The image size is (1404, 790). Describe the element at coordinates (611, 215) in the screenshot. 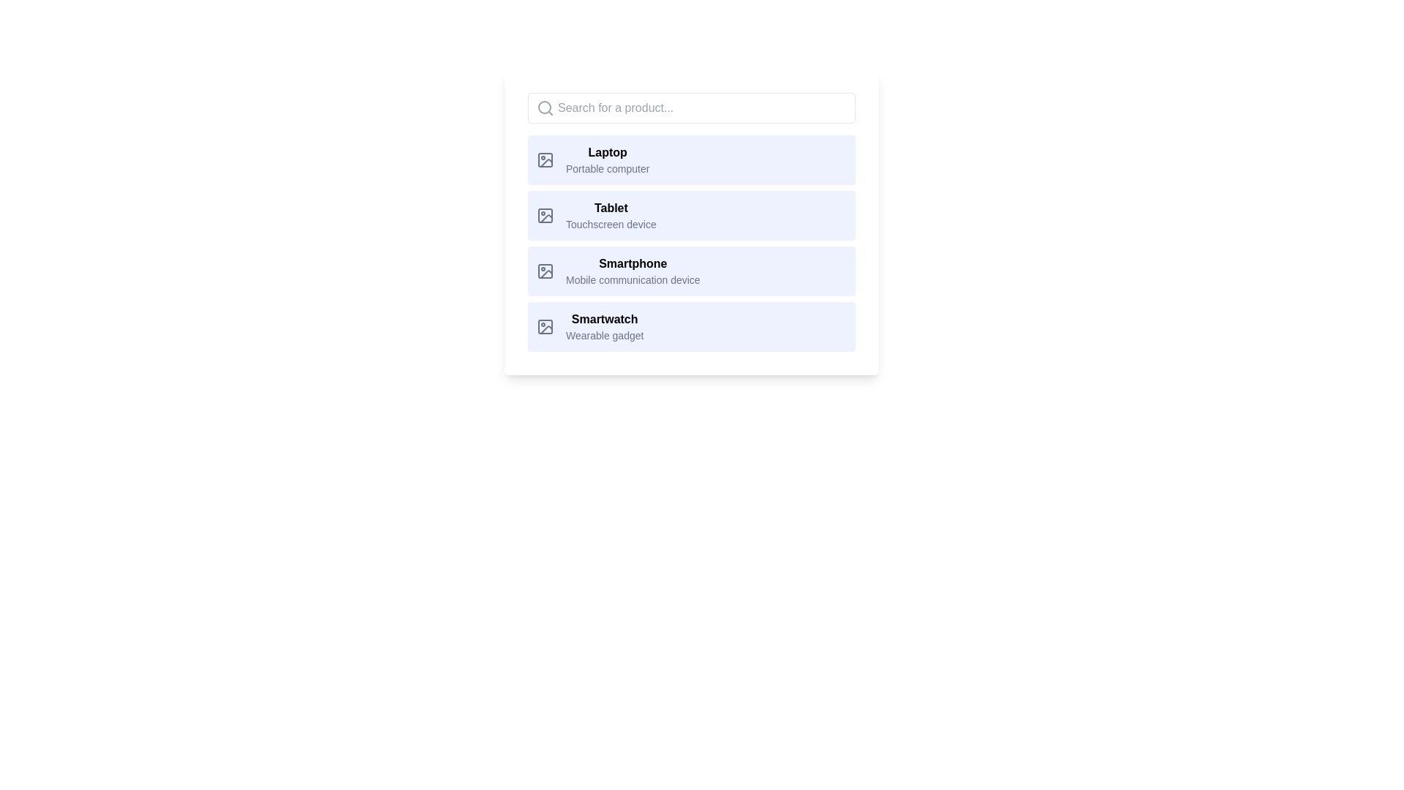

I see `the 'Tablet' text label within the selectable list item that features a light-blue background and consists of two lines of text, where the first line is 'Tablet' in bold and the second line is 'Touchscreen device' in smaller gray text` at that location.